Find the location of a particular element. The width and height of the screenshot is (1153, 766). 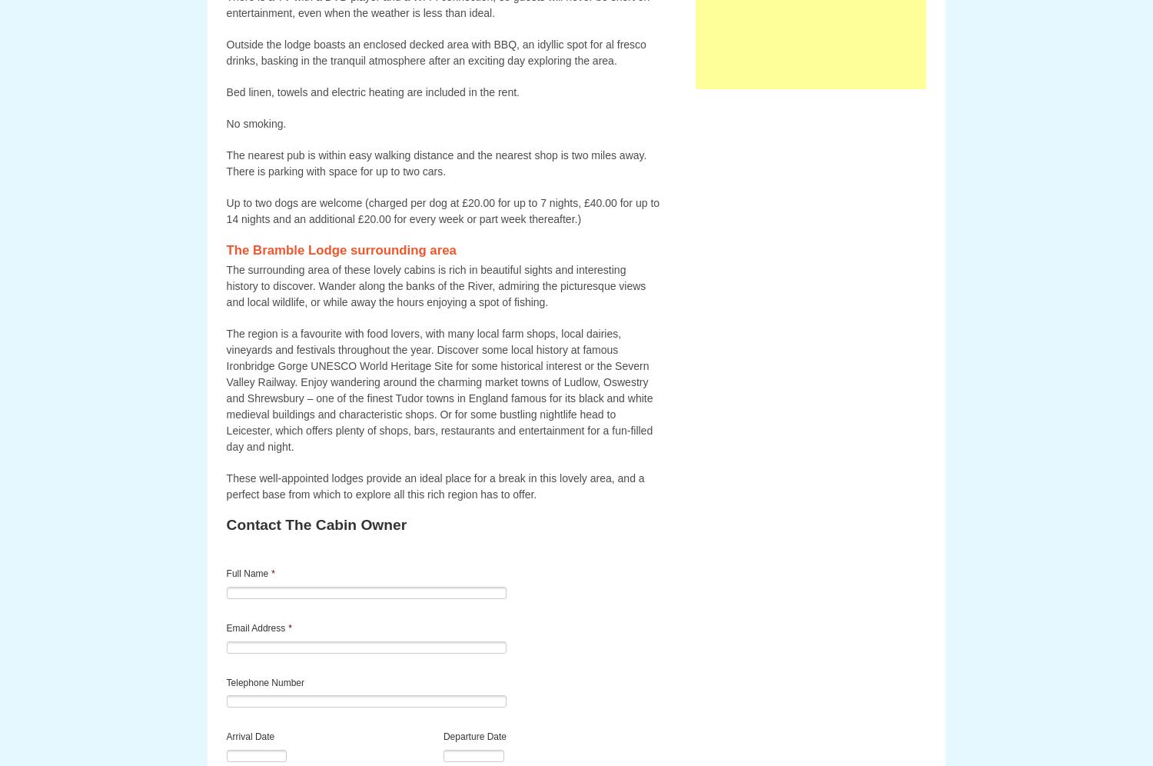

'These well-appointed lodges provide an ideal place for a break in this lovely area, and a perfect base from which to explore all this rich region has to offer.' is located at coordinates (434, 485).